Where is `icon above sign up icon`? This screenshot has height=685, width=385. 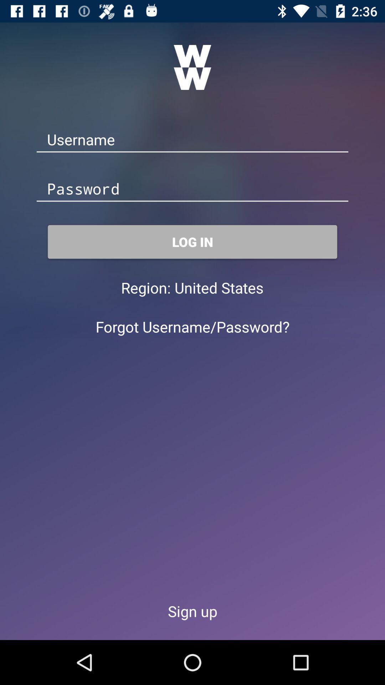
icon above sign up icon is located at coordinates (192, 326).